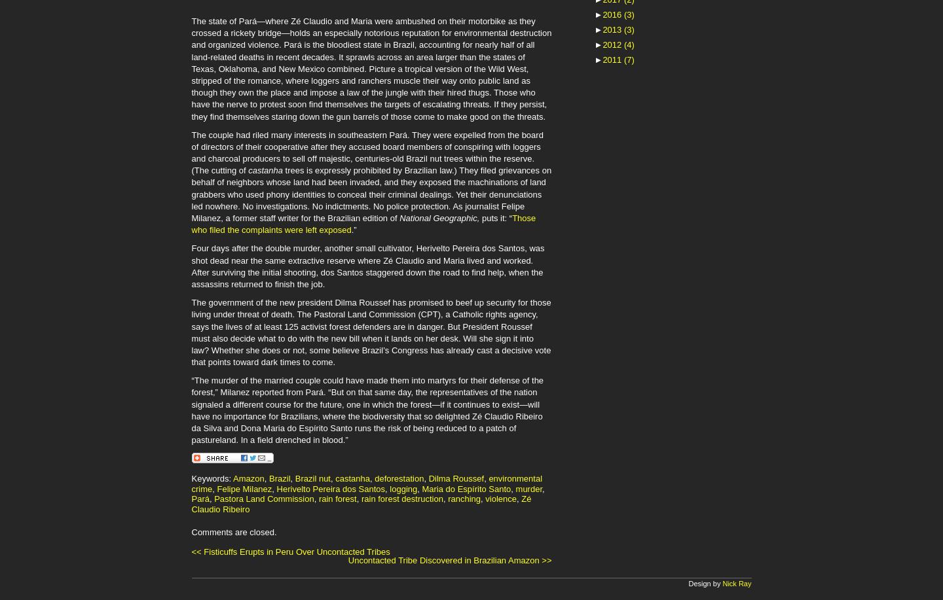  Describe the element at coordinates (420, 487) in the screenshot. I see `'Maria do Espírito Santo'` at that location.